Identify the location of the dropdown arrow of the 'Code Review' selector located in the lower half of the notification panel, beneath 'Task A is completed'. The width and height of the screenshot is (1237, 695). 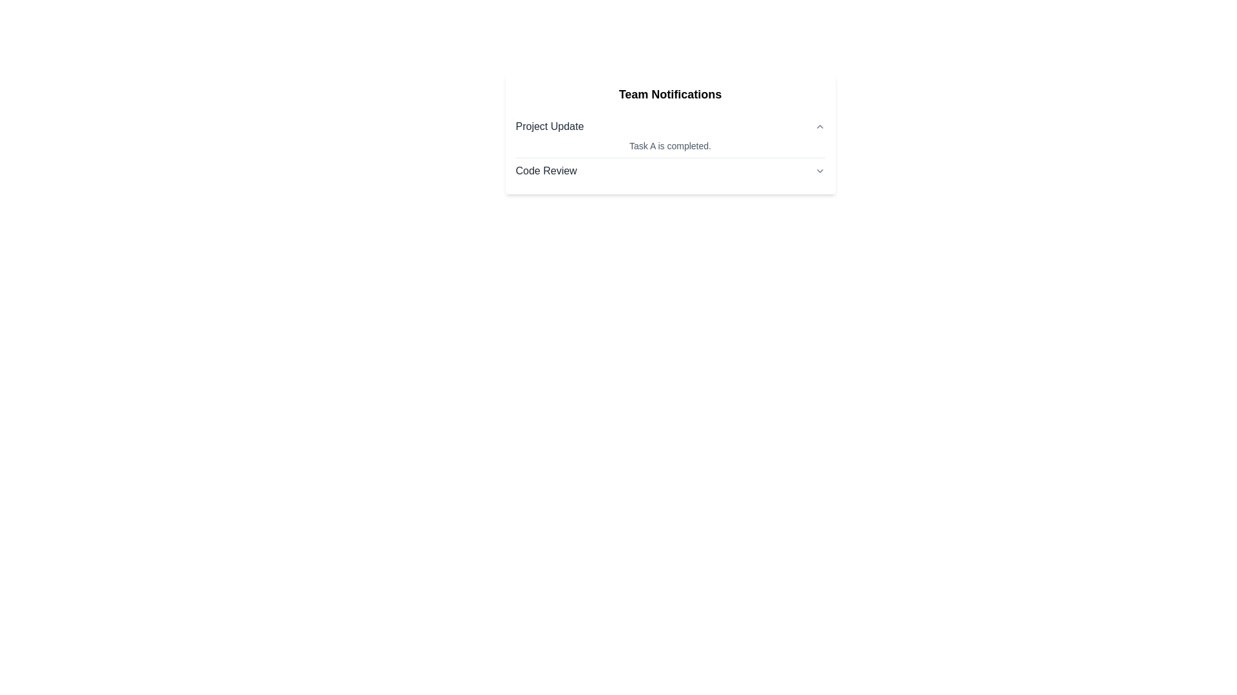
(670, 170).